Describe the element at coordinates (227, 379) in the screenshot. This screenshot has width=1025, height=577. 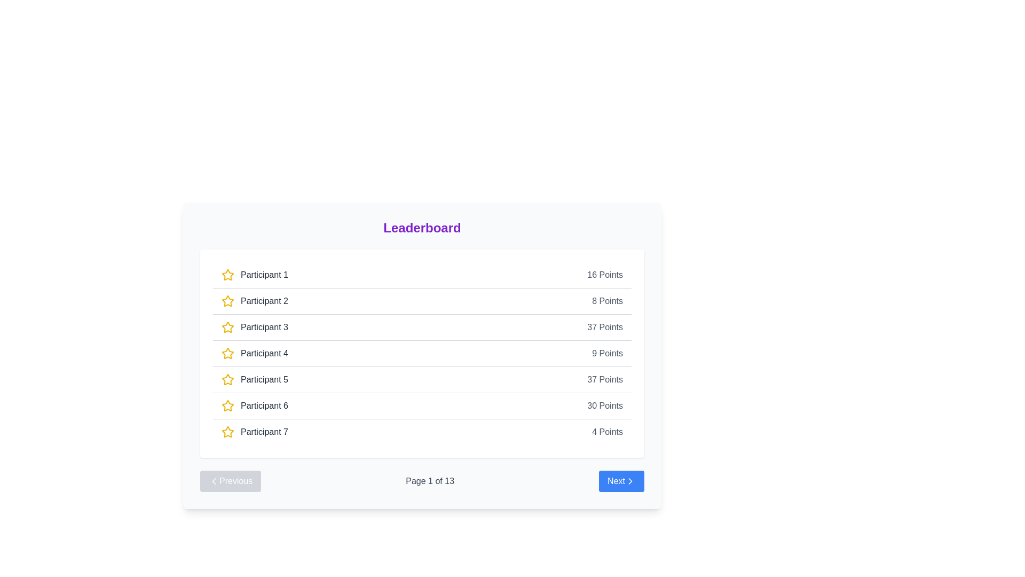
I see `the icon that denotes a rating or selection mechanism, located to the left of the text label 'Participant 5' in the fifth row of the leaderboard` at that location.